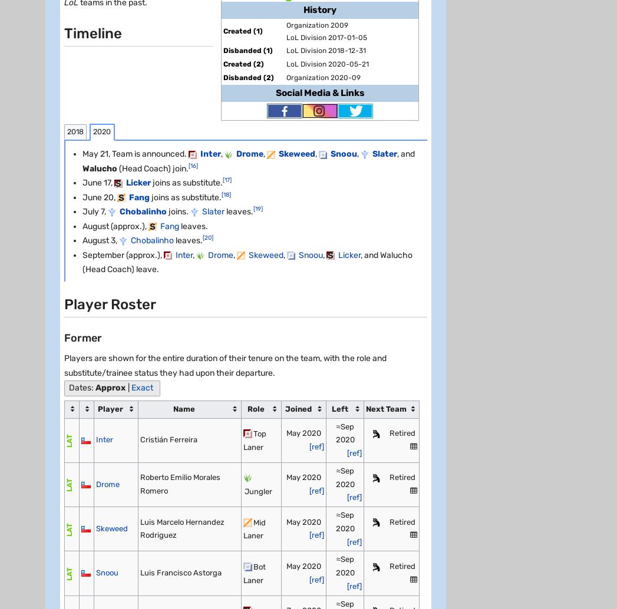 The height and width of the screenshot is (609, 617). What do you see at coordinates (282, 486) in the screenshot?
I see `'Global Sitemap'` at bounding box center [282, 486].